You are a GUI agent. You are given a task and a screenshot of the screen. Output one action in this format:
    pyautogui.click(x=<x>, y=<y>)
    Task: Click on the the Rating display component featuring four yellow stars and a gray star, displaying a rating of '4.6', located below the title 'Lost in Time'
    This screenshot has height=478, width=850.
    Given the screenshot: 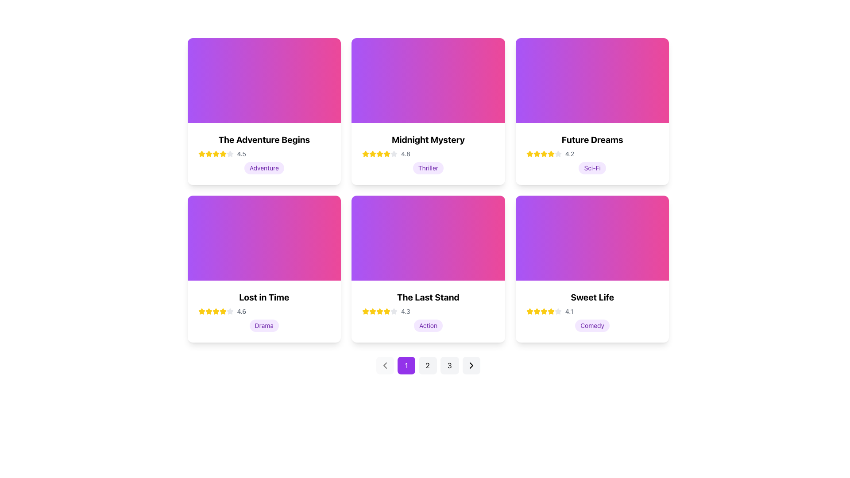 What is the action you would take?
    pyautogui.click(x=263, y=311)
    